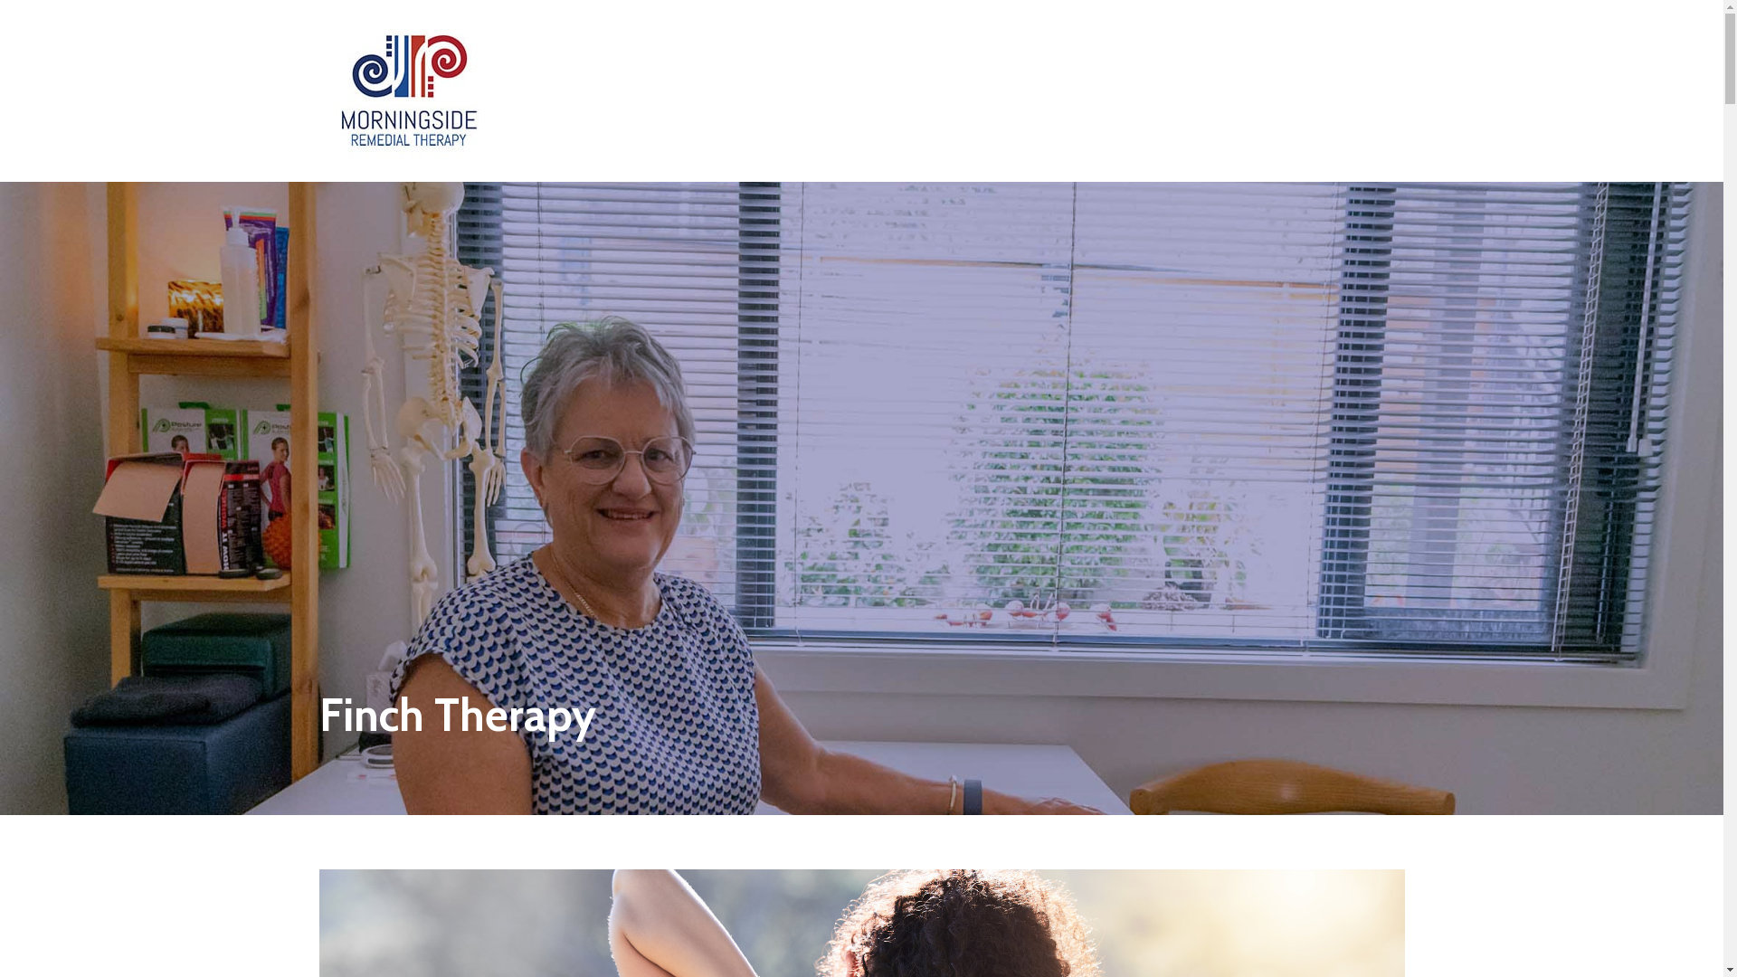 Image resolution: width=1737 pixels, height=977 pixels. Describe the element at coordinates (810, 41) in the screenshot. I see `'HOME'` at that location.